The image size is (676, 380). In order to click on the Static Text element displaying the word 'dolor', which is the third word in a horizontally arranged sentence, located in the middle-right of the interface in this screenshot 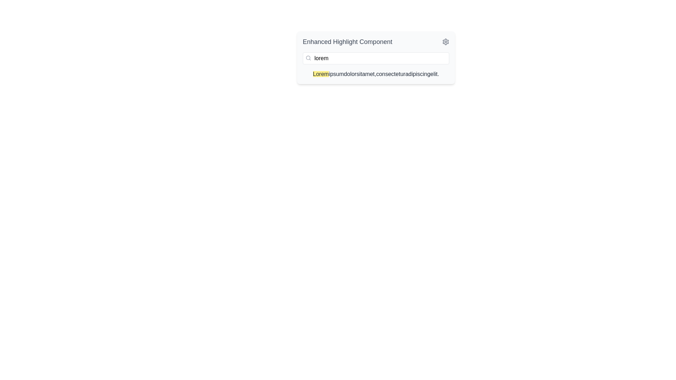, I will do `click(350, 74)`.